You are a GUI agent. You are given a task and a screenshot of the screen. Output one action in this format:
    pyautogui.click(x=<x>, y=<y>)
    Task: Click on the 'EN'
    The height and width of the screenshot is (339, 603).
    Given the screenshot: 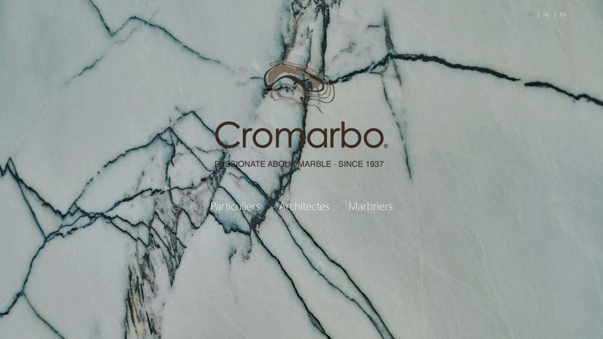 What is the action you would take?
    pyautogui.click(x=563, y=14)
    